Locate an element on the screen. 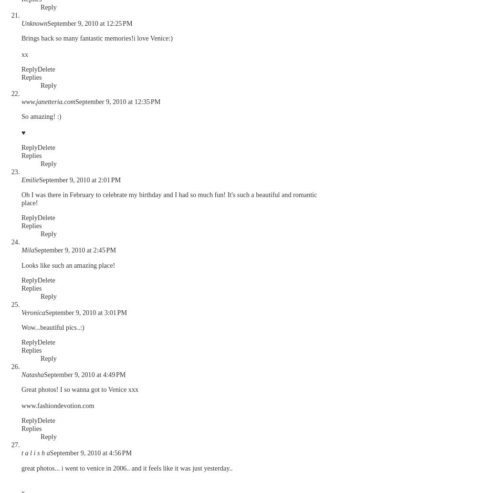 This screenshot has height=493, width=483. 'September 9, 2010 at 4:49 PM' is located at coordinates (84, 374).